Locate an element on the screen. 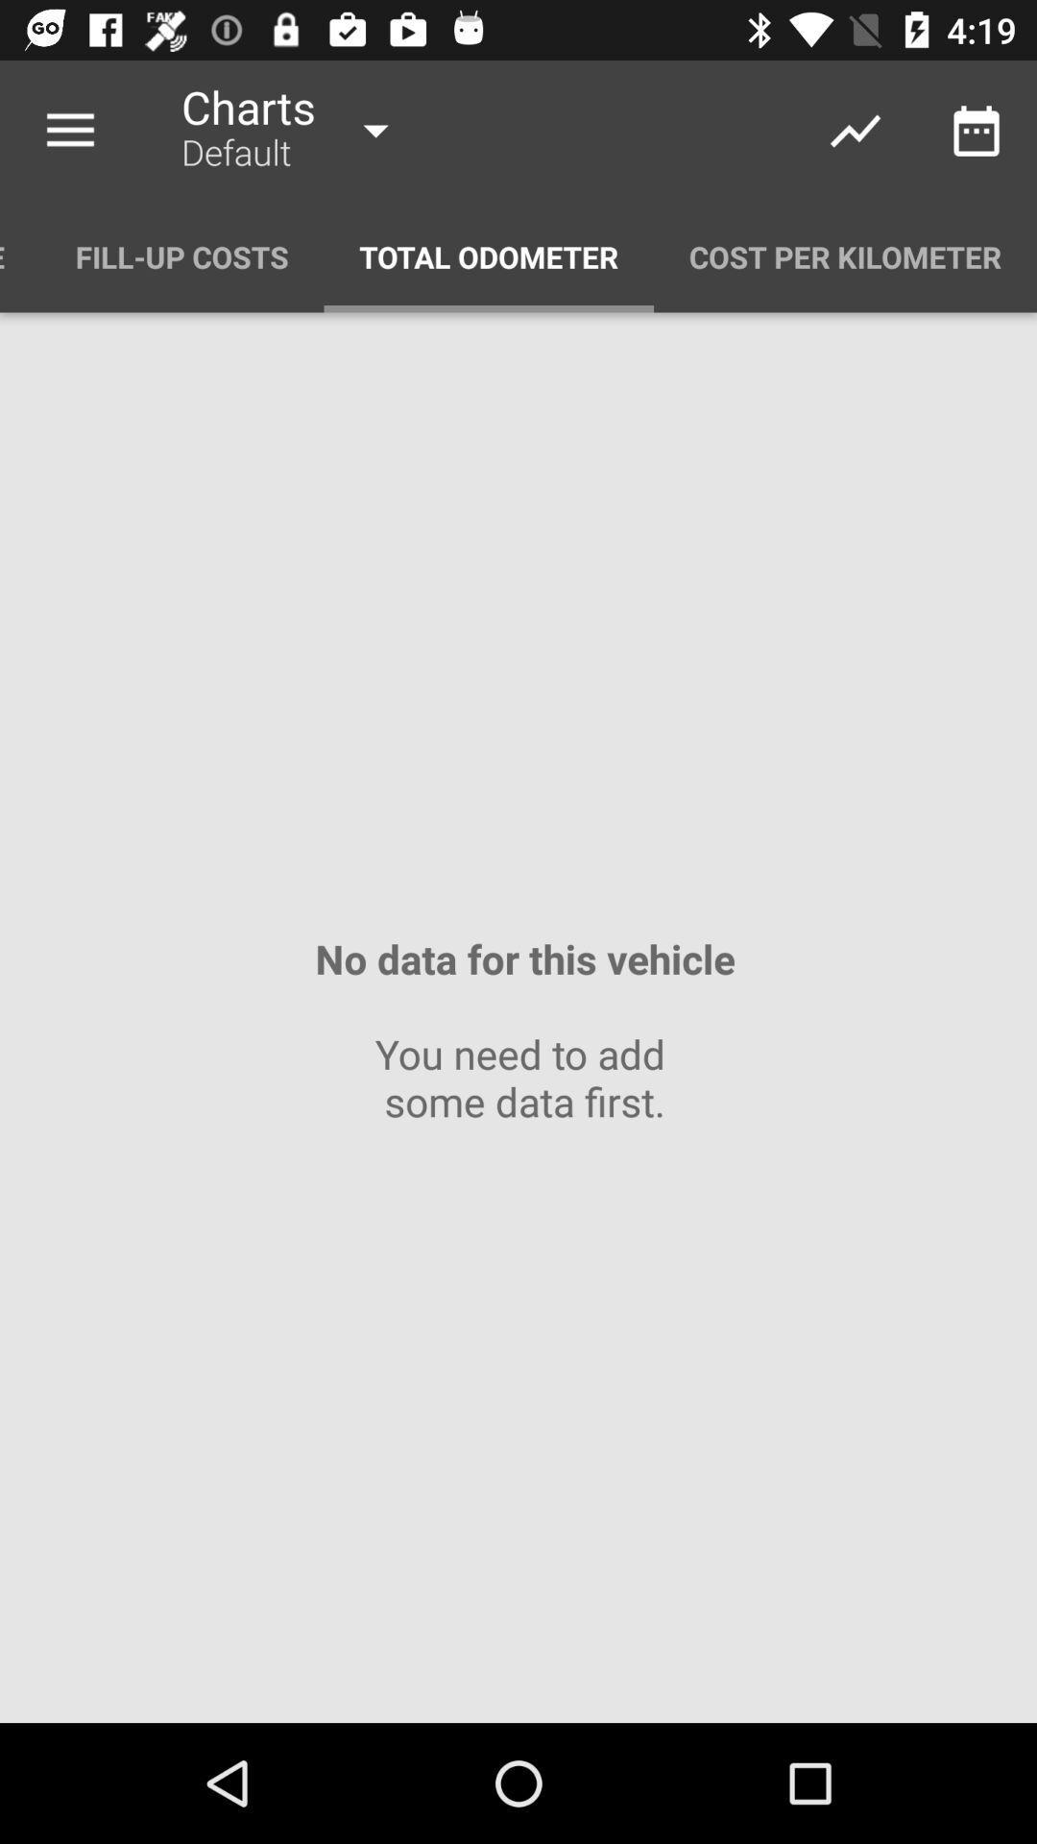  the icon to the left of the cost per kilometer is located at coordinates (488, 255).